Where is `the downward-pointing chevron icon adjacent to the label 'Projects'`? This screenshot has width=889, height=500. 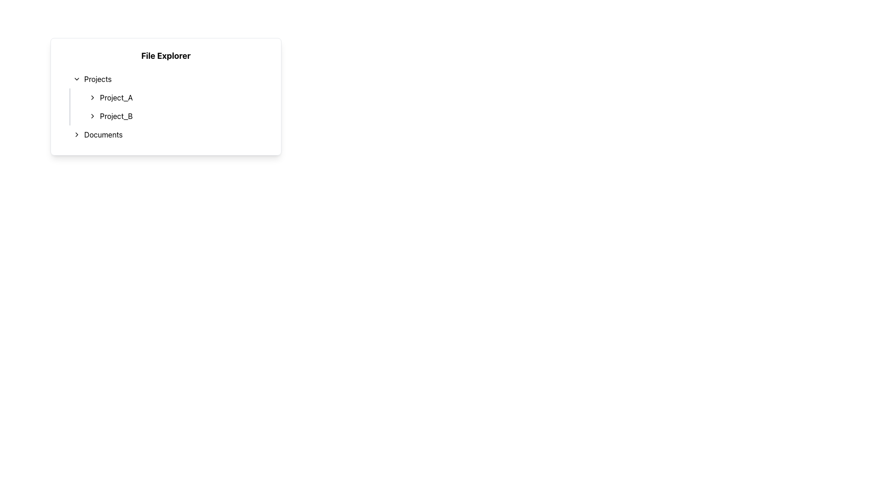 the downward-pointing chevron icon adjacent to the label 'Projects' is located at coordinates (77, 78).